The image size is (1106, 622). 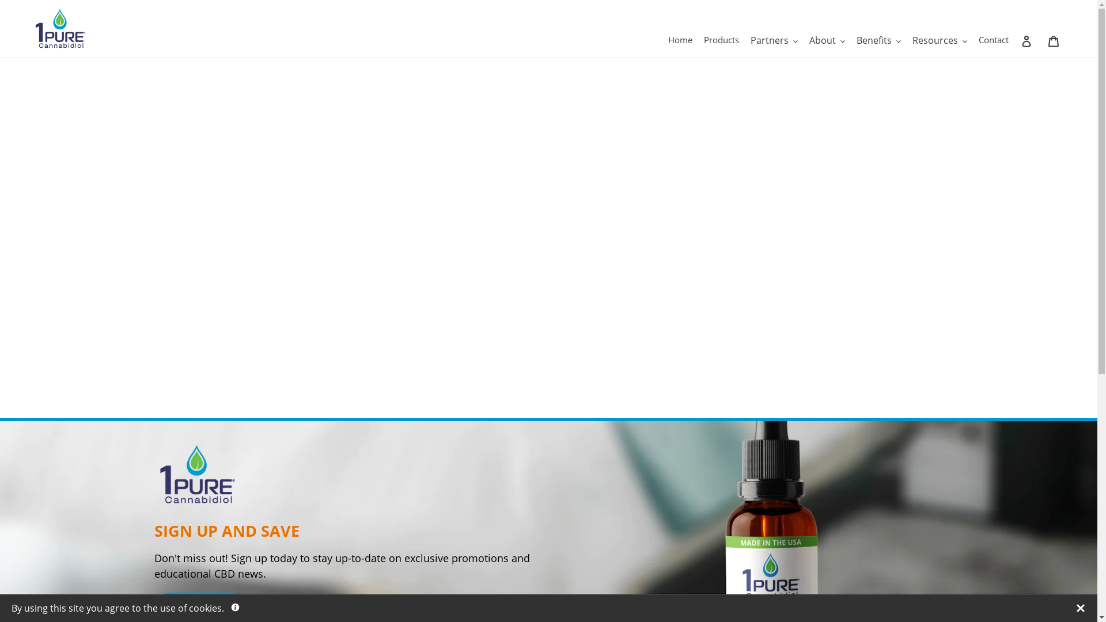 What do you see at coordinates (826, 39) in the screenshot?
I see `'About'` at bounding box center [826, 39].